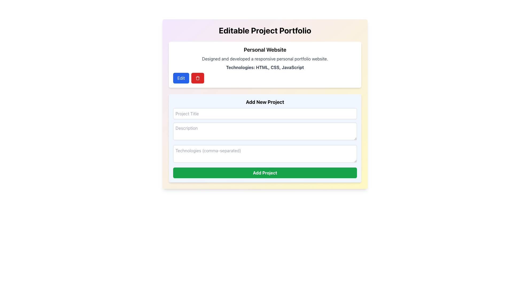  Describe the element at coordinates (265, 59) in the screenshot. I see `the static text label that provides a description of the work associated with 'Personal Website', located below the title and above the technologies list` at that location.